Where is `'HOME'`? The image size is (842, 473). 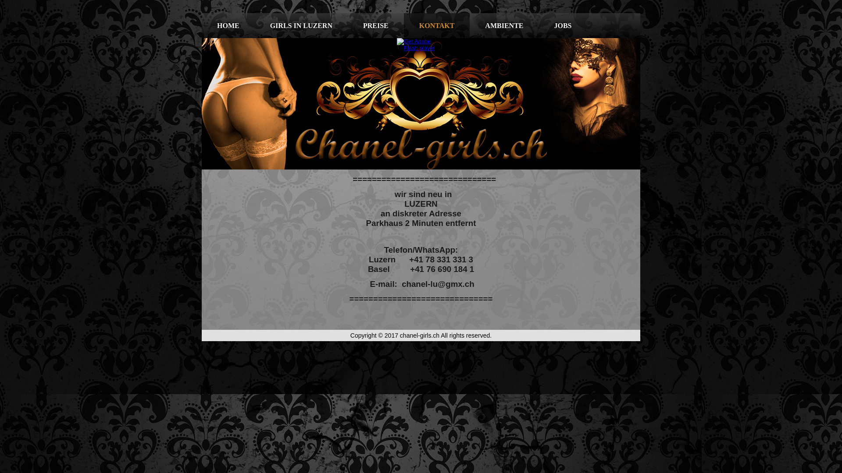 'HOME' is located at coordinates (228, 25).